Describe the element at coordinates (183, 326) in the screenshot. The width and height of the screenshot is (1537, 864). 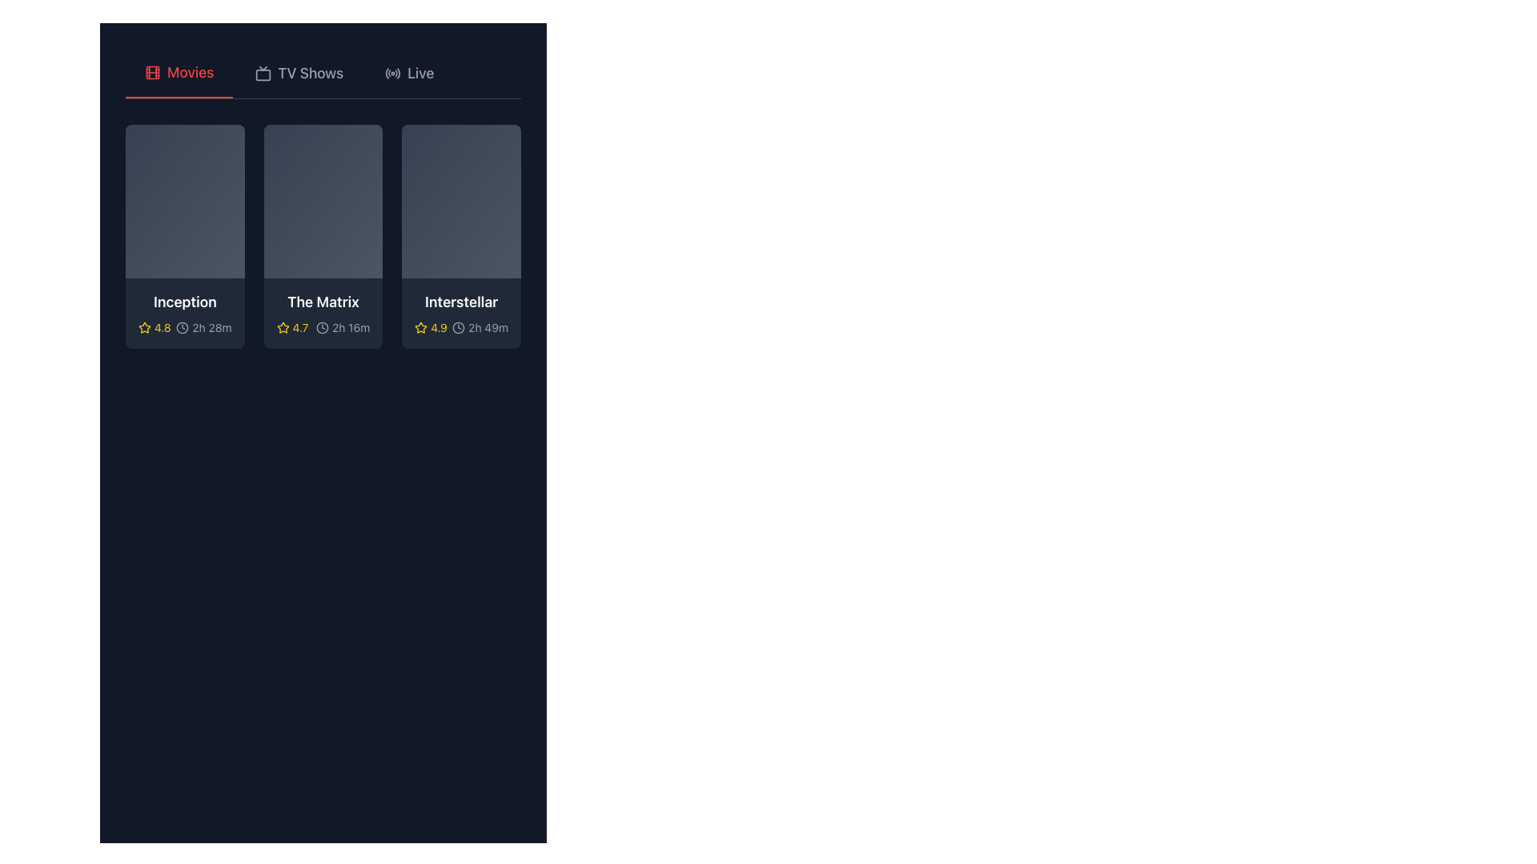
I see `the clock icon, which is a gray SVG graphic with two hands indicating hours and minutes, located to the left of the runtime text '2h 28m' within the 'Inception' movie card` at that location.